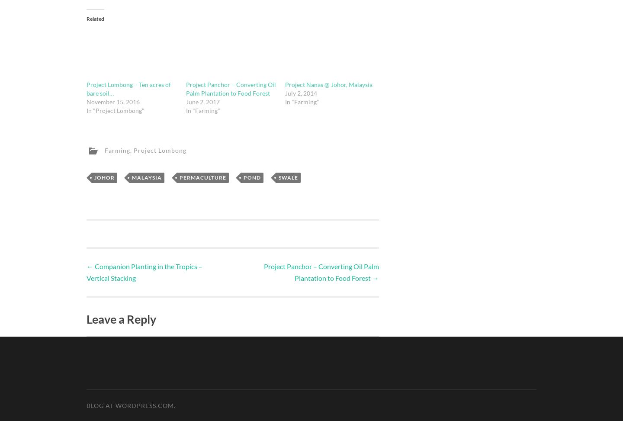 This screenshot has width=623, height=421. Describe the element at coordinates (159, 150) in the screenshot. I see `'Project Lombong'` at that location.